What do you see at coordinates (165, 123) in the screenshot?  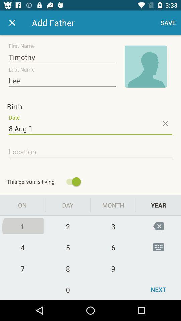 I see `cancel date entry` at bounding box center [165, 123].